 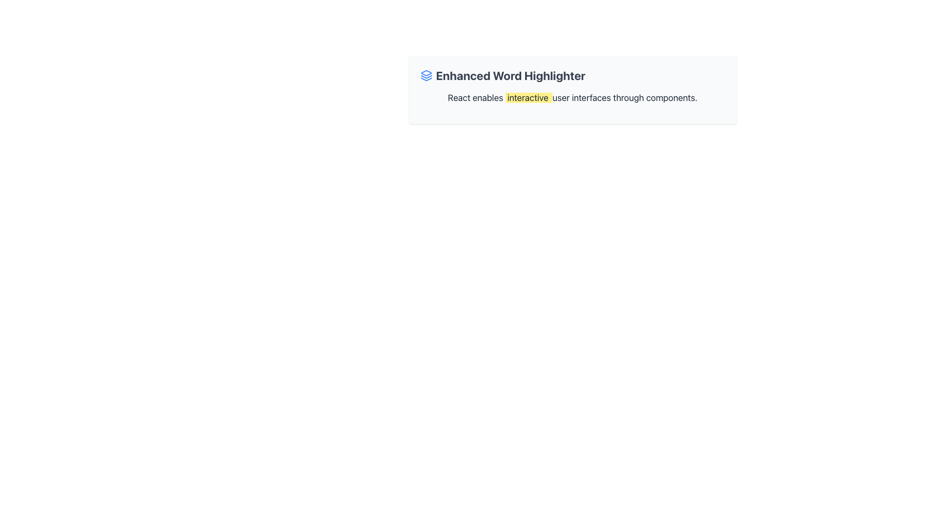 I want to click on the second word in the sentence 'React enables interactive user interfaces through components', which is displayed in the top-centered area of the interface, so click(x=489, y=98).